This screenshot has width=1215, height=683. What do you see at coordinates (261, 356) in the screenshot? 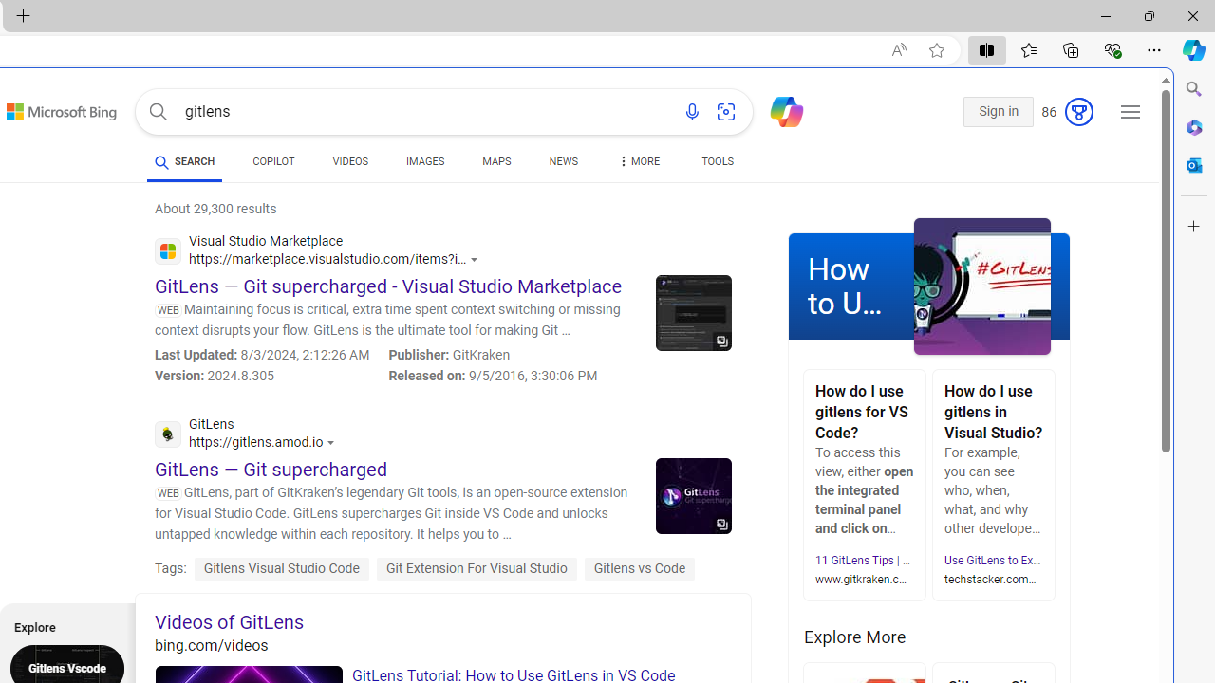
I see `'Last Updated: 8/3/2024, 2:12:26 AM'` at bounding box center [261, 356].